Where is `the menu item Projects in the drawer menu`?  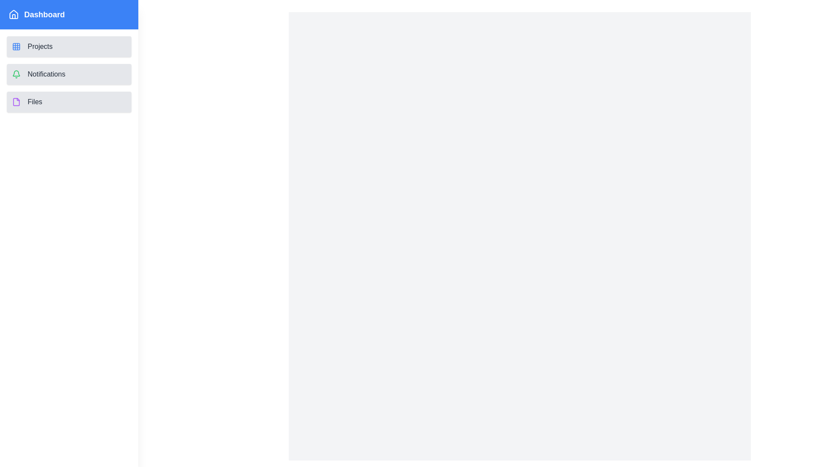
the menu item Projects in the drawer menu is located at coordinates (68, 47).